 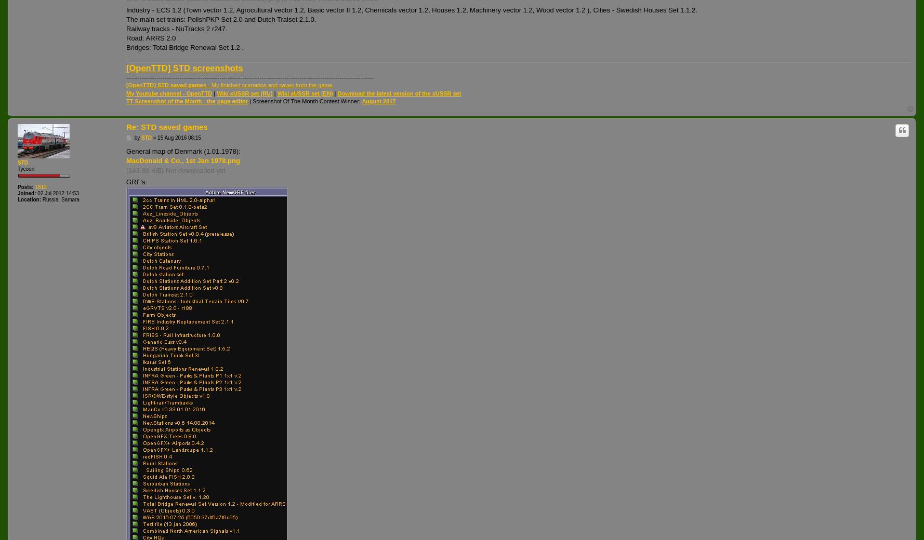 I want to click on '1810', so click(x=40, y=186).